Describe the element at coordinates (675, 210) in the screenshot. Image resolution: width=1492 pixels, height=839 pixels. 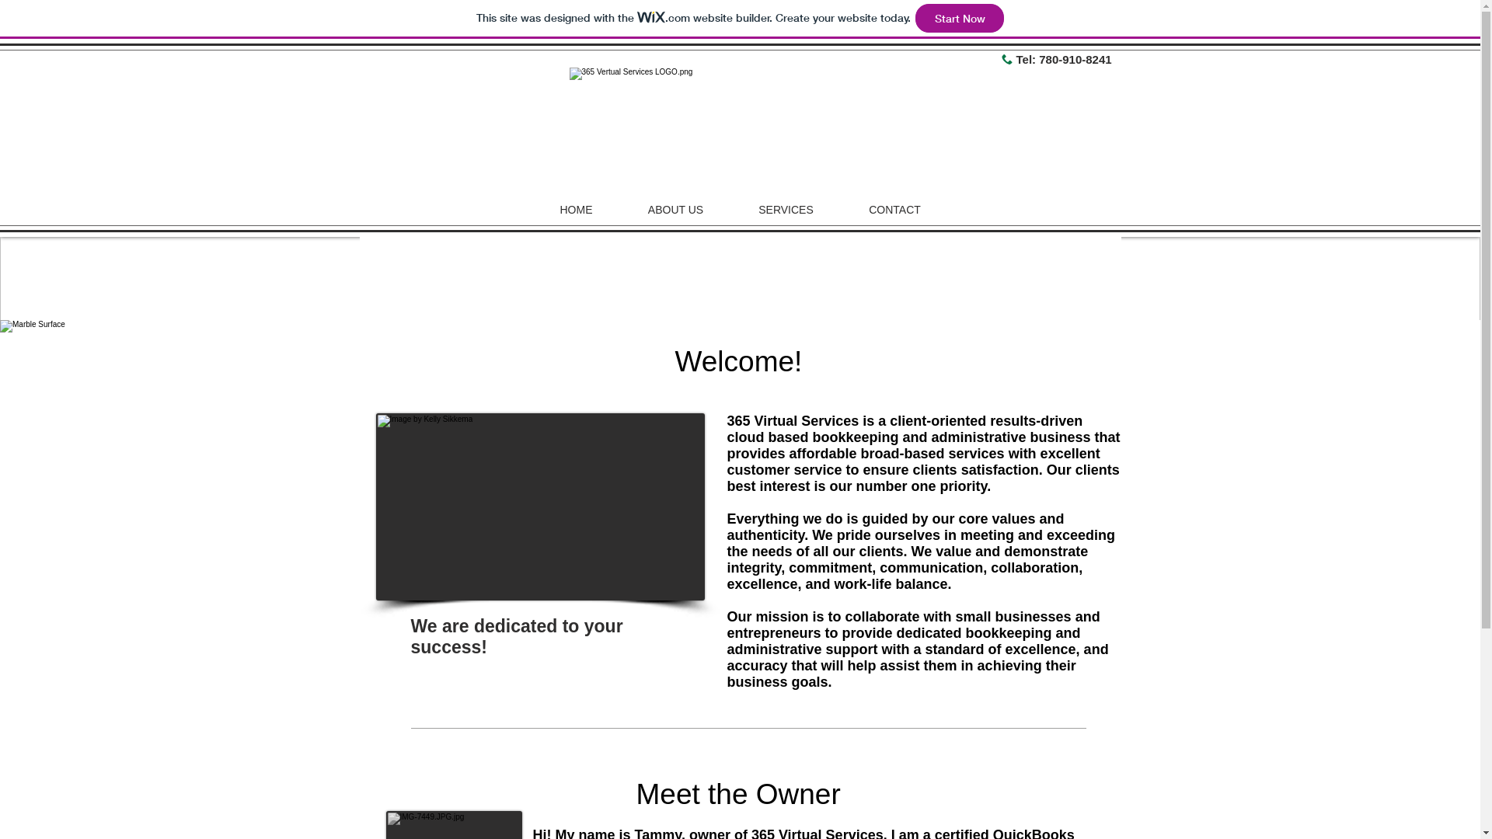
I see `'ABOUT US'` at that location.